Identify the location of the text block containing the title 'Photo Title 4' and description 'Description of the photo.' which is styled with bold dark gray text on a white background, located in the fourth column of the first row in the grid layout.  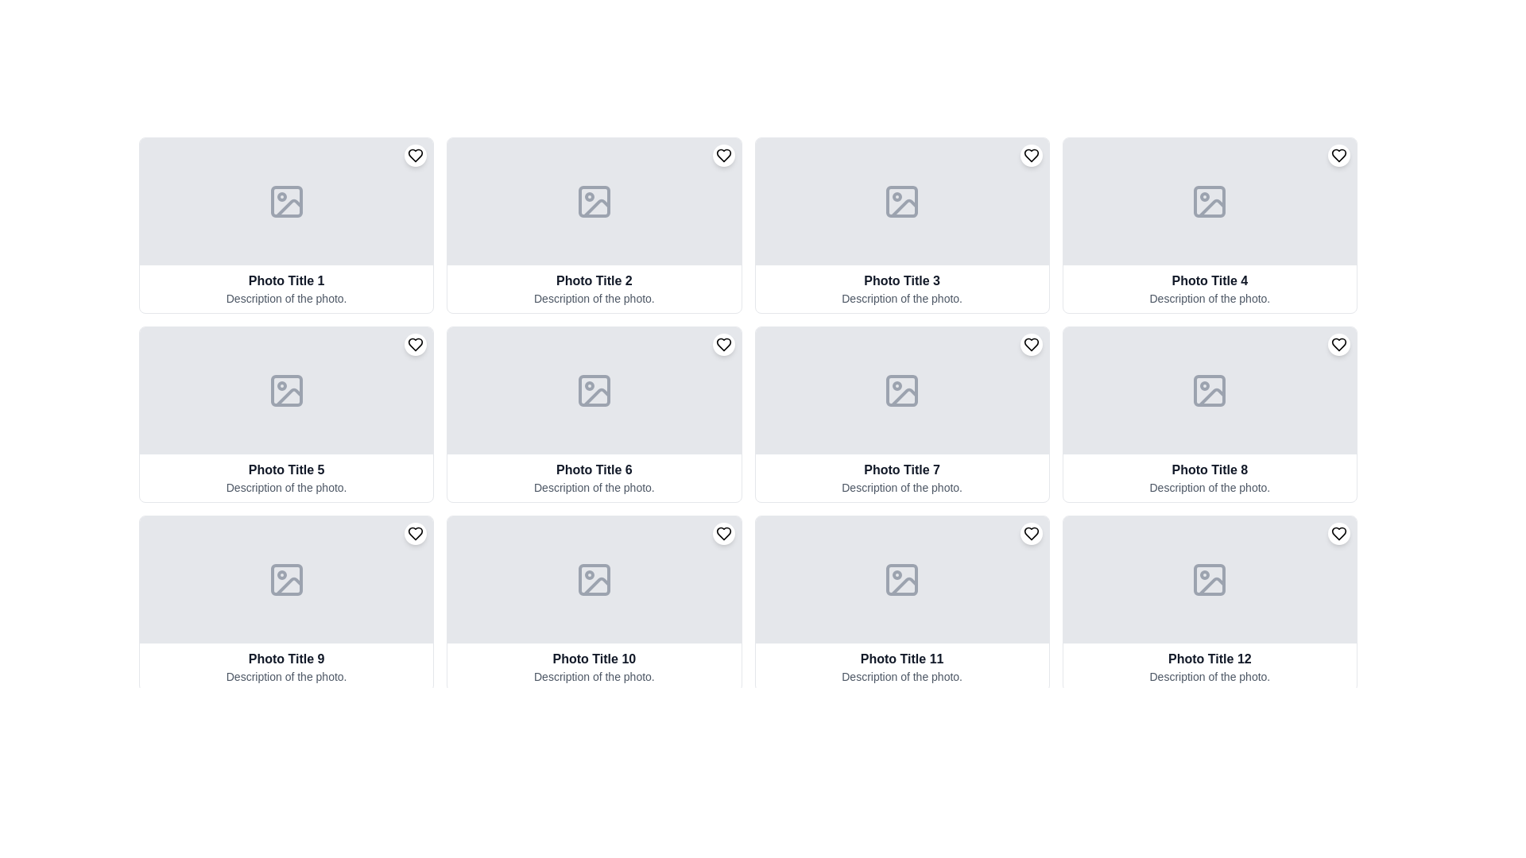
(1209, 288).